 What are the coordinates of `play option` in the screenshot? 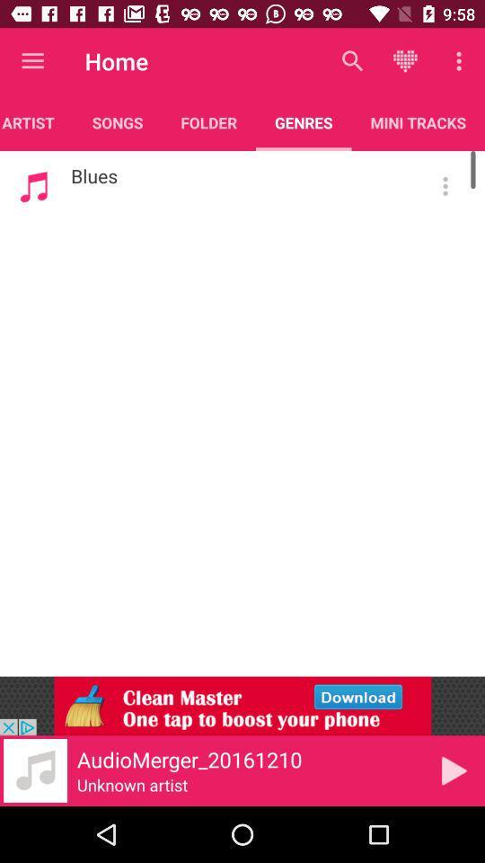 It's located at (453, 770).